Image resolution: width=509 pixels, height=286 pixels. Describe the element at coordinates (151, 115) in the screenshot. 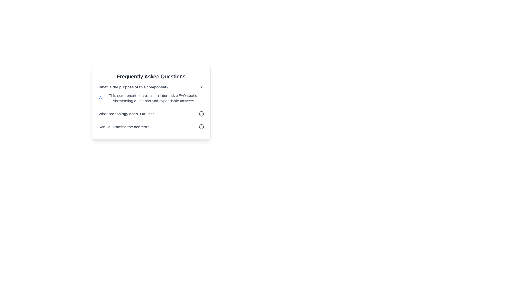

I see `the question mark icon in the second FAQ section header that asks 'What technology does it utilize?'` at that location.